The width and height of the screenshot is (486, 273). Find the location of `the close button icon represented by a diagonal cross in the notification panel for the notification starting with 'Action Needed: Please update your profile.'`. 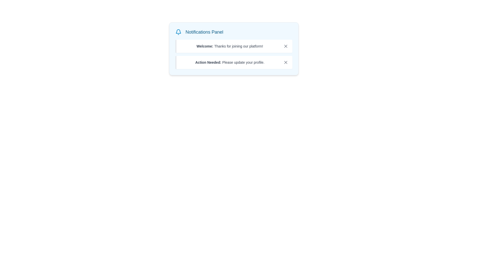

the close button icon represented by a diagonal cross in the notification panel for the notification starting with 'Action Needed: Please update your profile.' is located at coordinates (286, 62).